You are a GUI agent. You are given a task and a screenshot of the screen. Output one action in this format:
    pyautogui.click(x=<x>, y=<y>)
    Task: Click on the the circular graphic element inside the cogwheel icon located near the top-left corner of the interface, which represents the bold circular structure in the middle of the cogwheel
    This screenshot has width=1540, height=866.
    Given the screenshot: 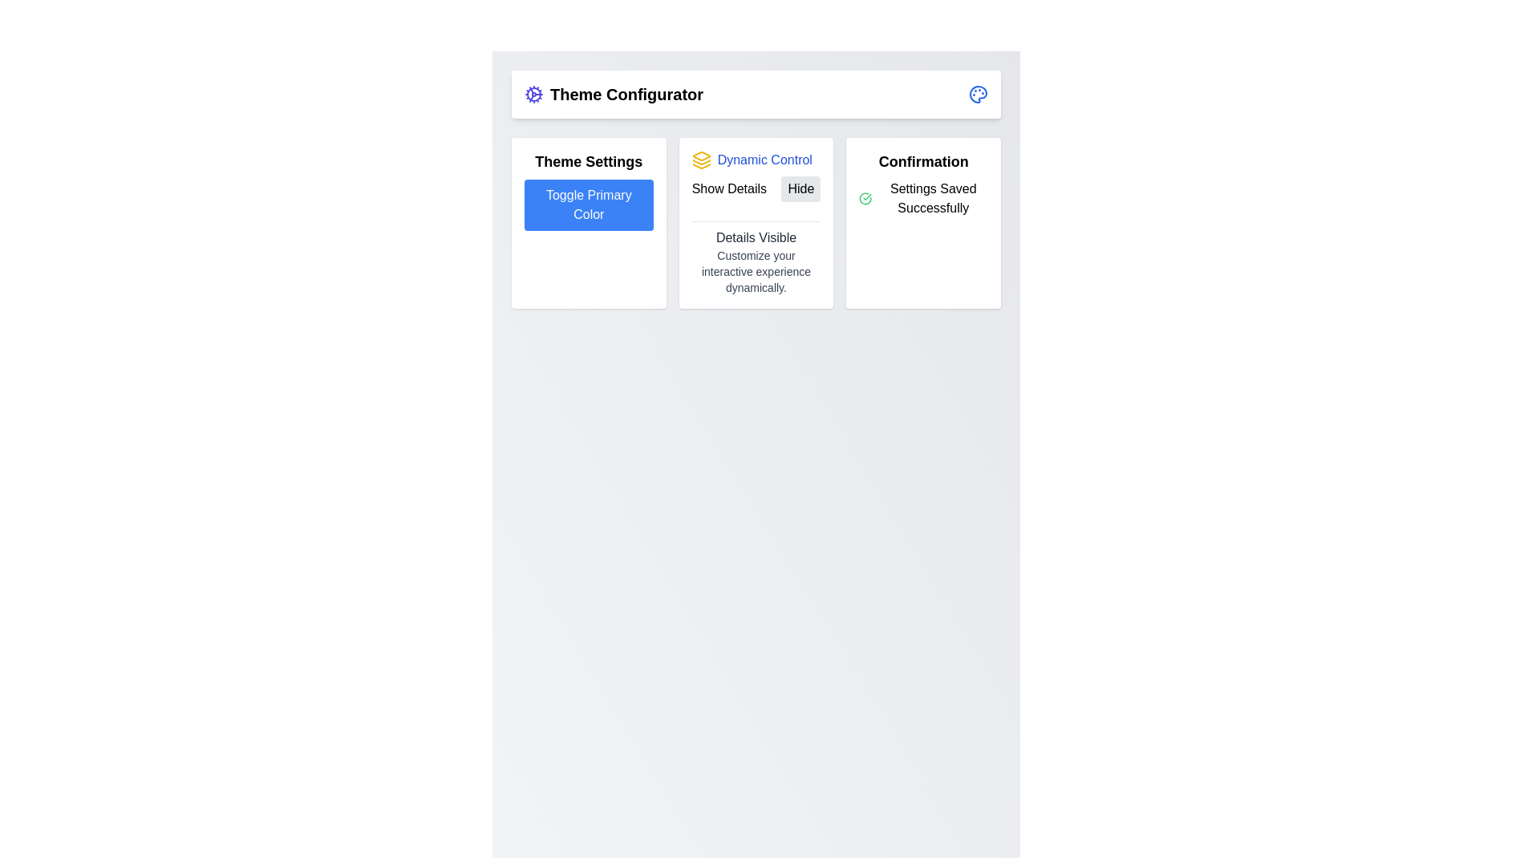 What is the action you would take?
    pyautogui.click(x=534, y=95)
    